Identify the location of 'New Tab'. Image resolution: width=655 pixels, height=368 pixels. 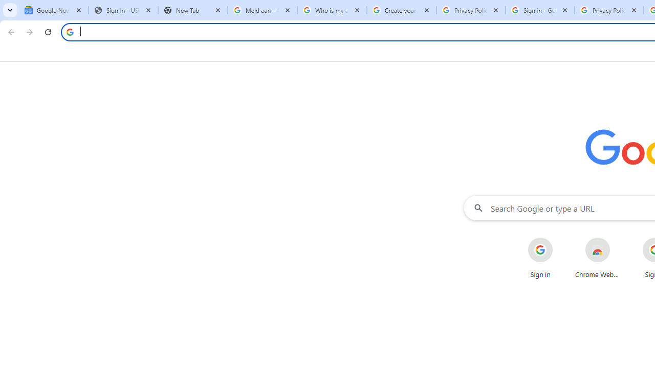
(192, 10).